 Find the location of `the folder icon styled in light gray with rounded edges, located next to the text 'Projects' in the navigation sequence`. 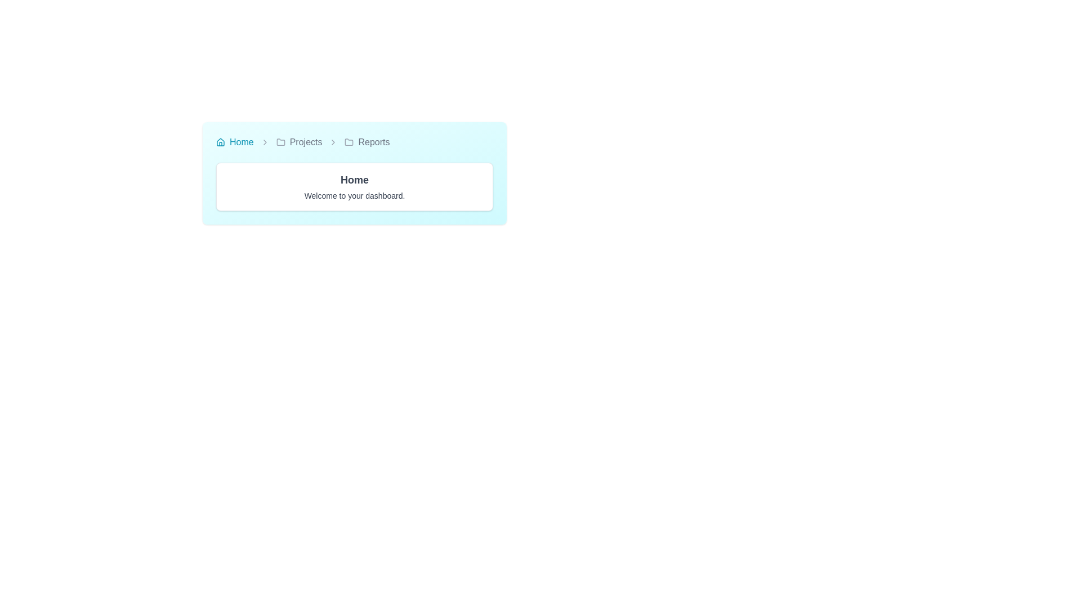

the folder icon styled in light gray with rounded edges, located next to the text 'Projects' in the navigation sequence is located at coordinates (280, 142).